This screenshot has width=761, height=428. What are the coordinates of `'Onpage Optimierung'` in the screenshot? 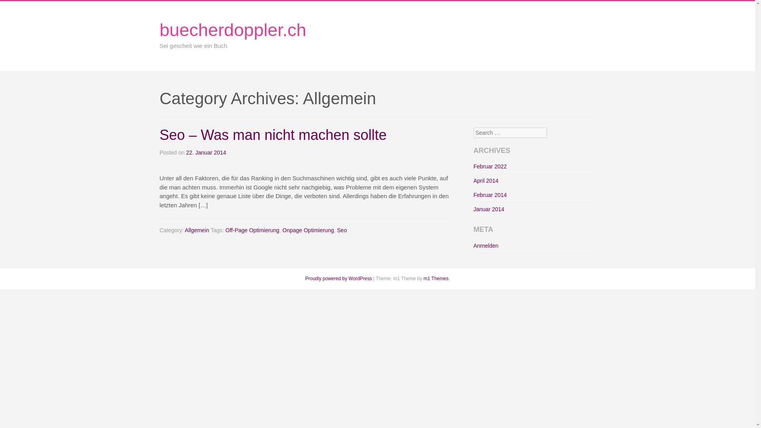 It's located at (308, 230).